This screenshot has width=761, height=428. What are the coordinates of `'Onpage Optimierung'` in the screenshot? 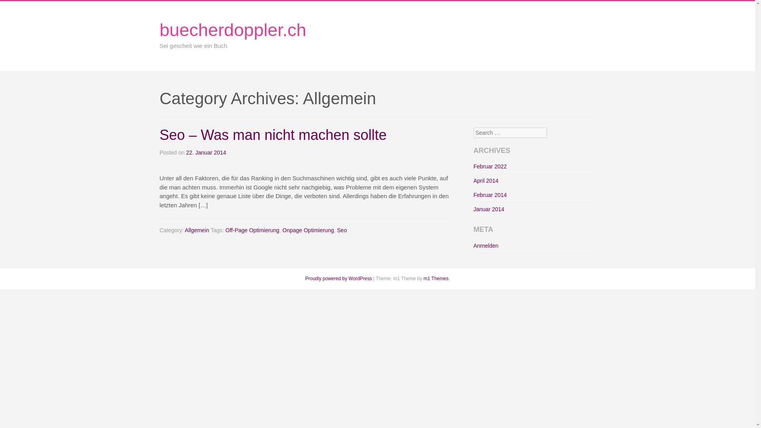 It's located at (308, 230).